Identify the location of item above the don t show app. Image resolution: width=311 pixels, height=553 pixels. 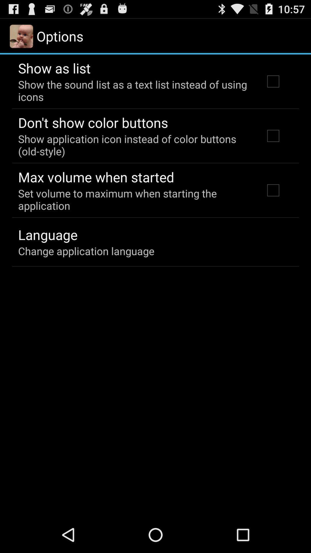
(133, 90).